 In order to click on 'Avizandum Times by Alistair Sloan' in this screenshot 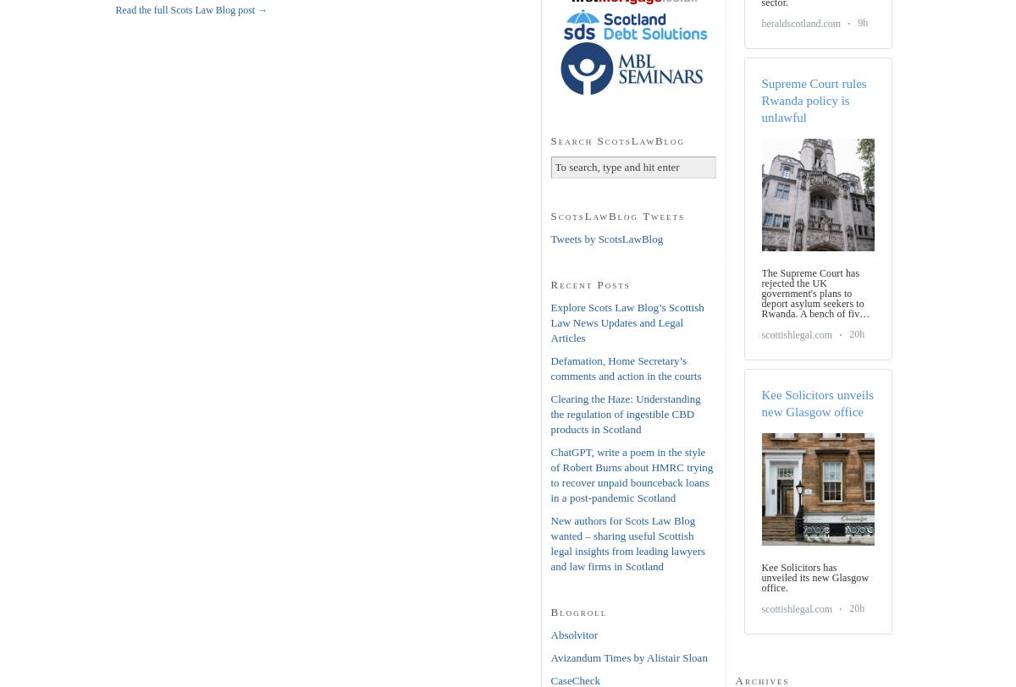, I will do `click(628, 657)`.